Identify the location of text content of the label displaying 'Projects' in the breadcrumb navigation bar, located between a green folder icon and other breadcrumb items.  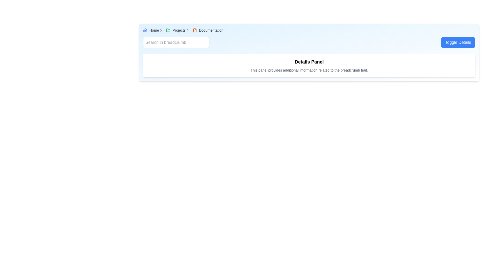
(179, 30).